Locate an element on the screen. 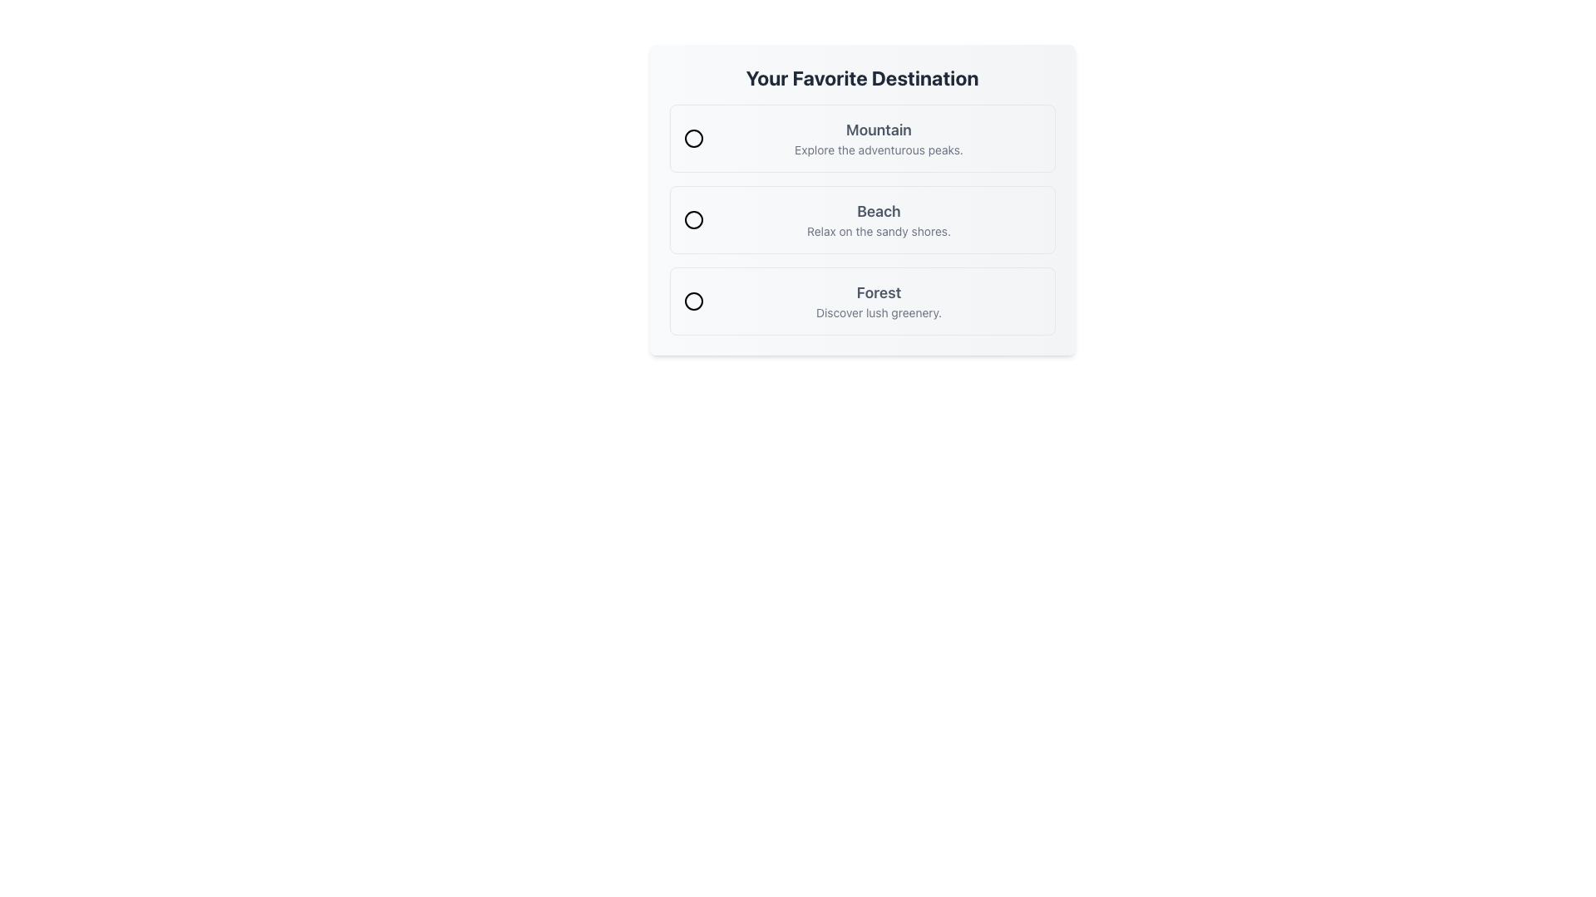 The height and width of the screenshot is (897, 1596). text label that serves as the title for the second selectable option in the menu, positioned above the descriptive text 'Relax on the sandy shores.' is located at coordinates (878, 210).